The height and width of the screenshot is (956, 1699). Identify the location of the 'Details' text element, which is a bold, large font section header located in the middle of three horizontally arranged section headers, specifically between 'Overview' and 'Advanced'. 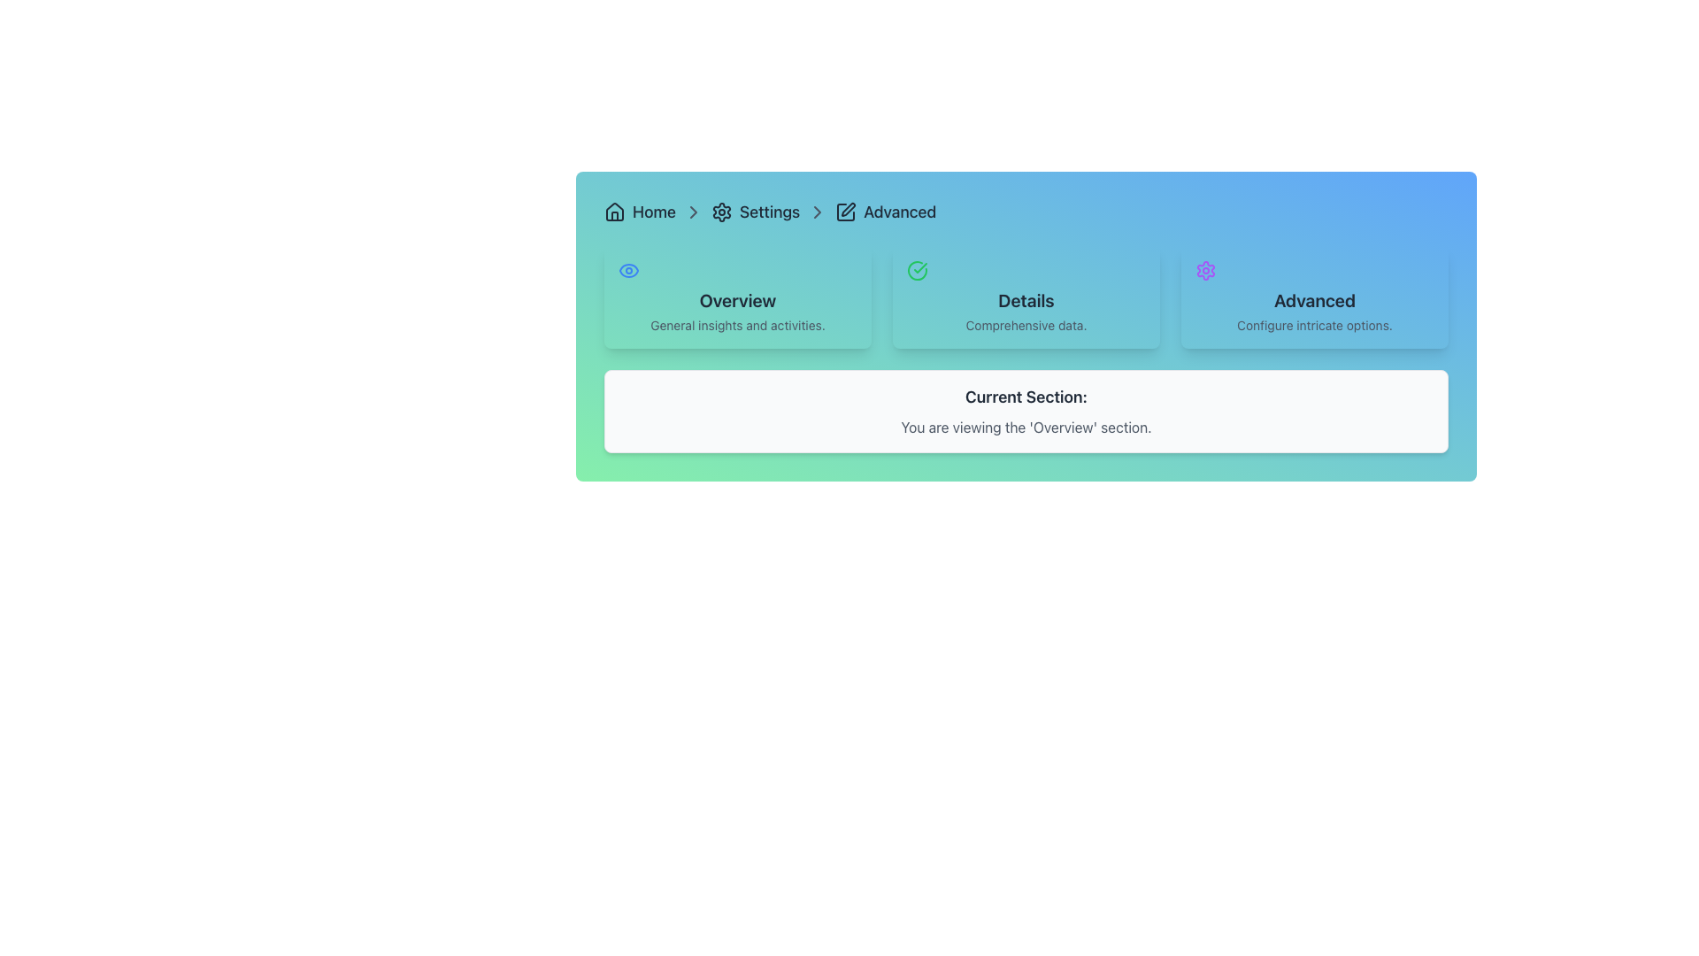
(1026, 299).